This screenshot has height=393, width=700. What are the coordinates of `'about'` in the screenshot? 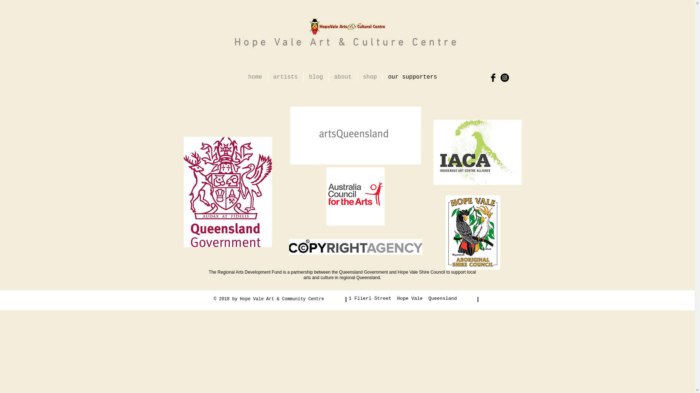 It's located at (328, 77).